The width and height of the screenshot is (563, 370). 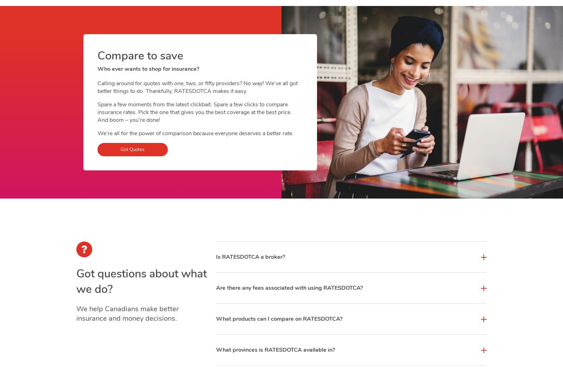 What do you see at coordinates (275, 350) in the screenshot?
I see `'What provinces is RATESDOTCA available in?'` at bounding box center [275, 350].